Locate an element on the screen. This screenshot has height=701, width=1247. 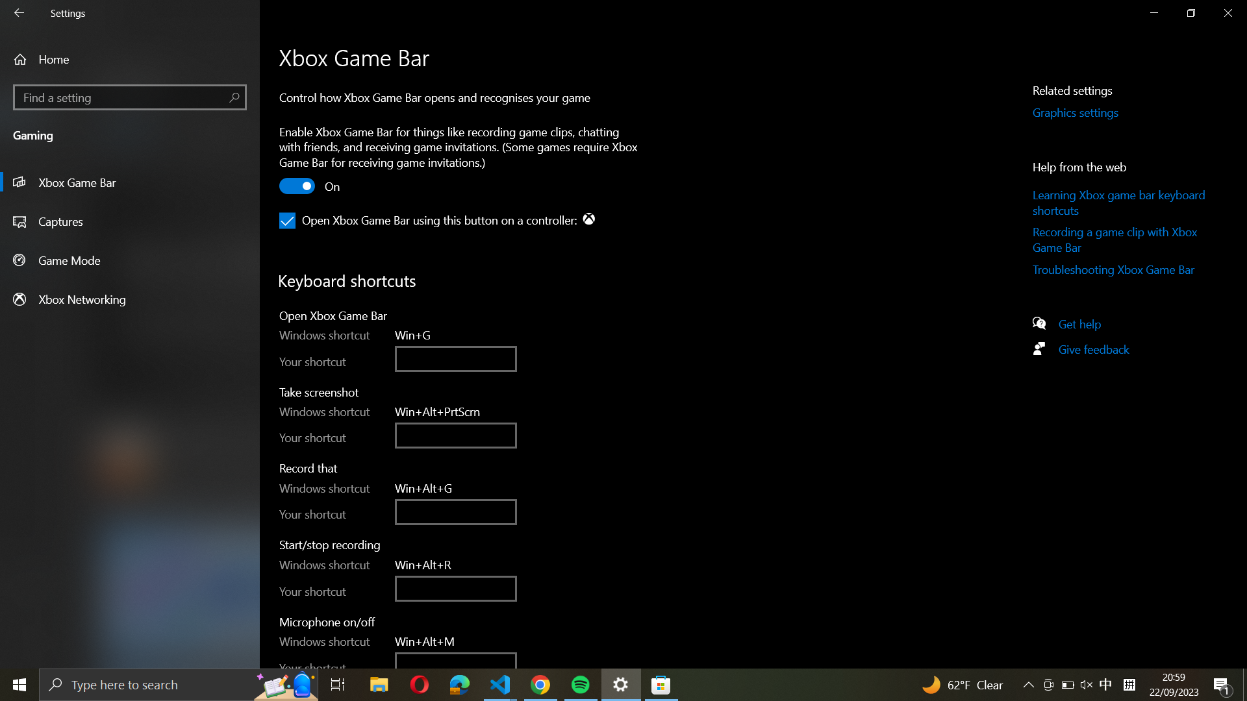
the Troubleshooting option under Xbox Game Bar is located at coordinates (1121, 271).